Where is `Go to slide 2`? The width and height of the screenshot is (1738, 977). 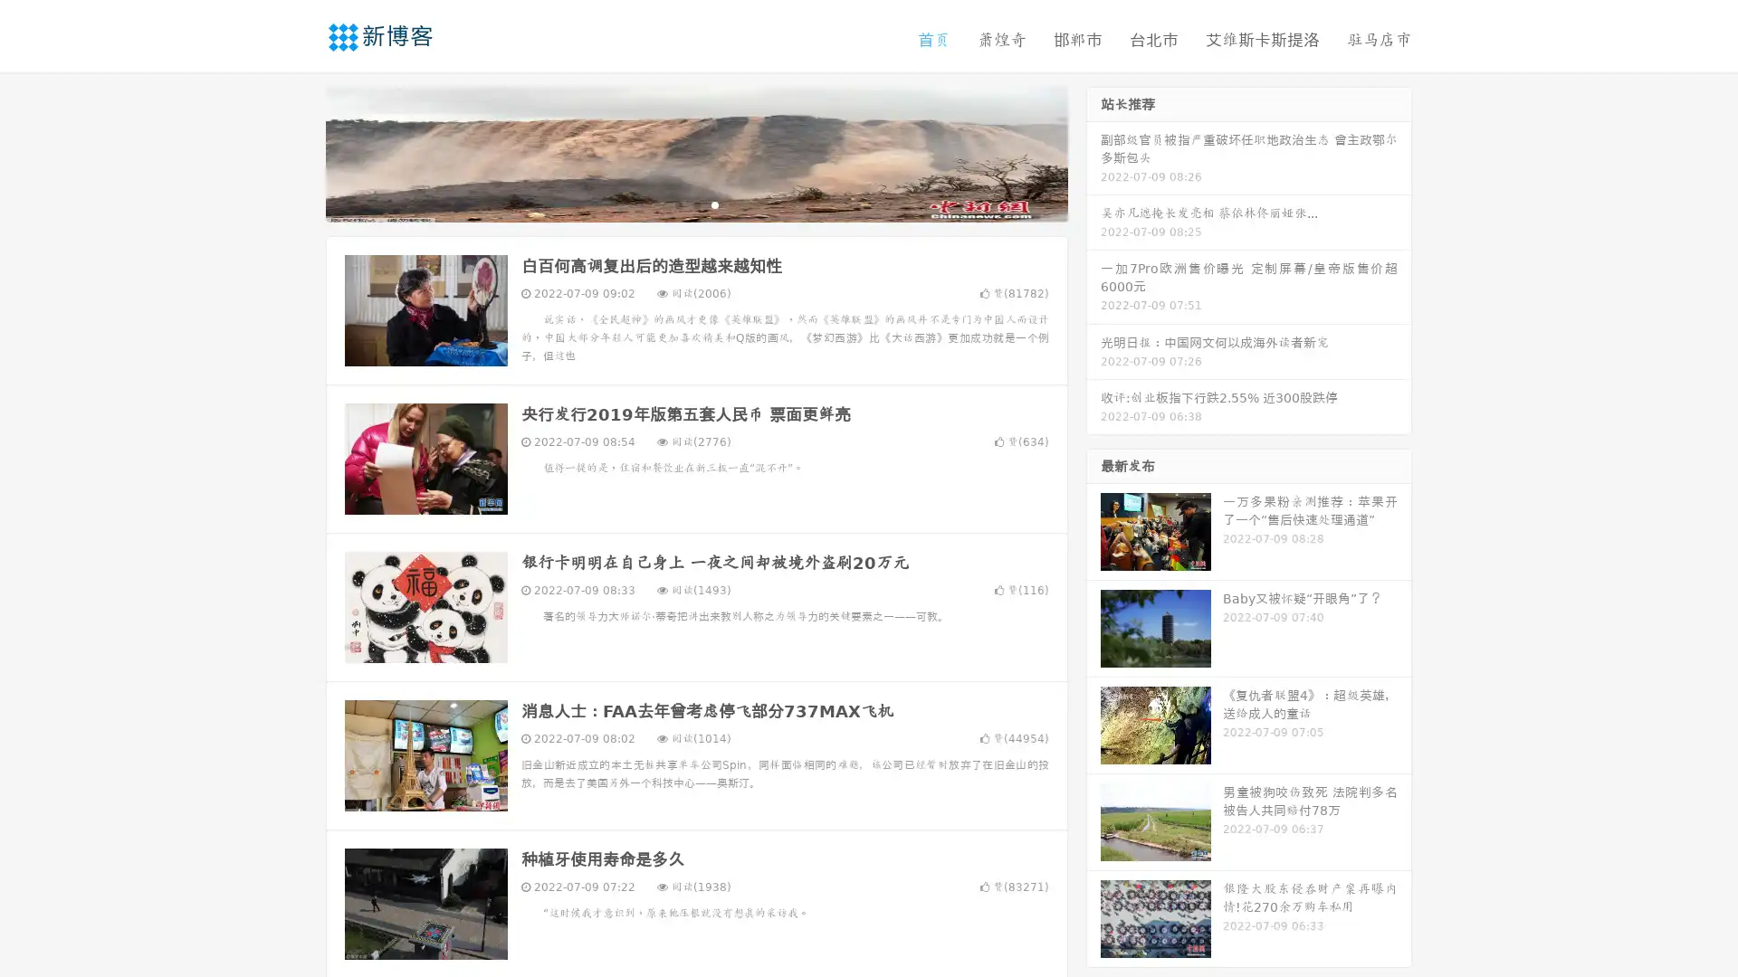
Go to slide 2 is located at coordinates (695, 204).